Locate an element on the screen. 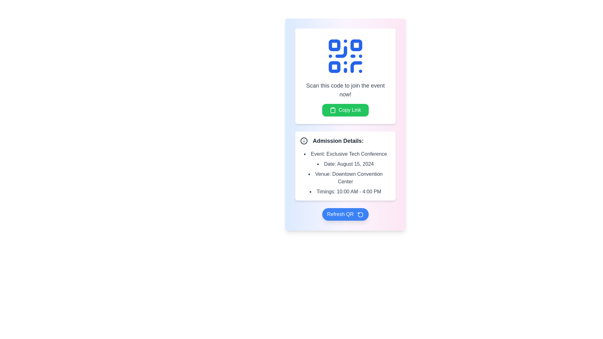 The height and width of the screenshot is (339, 603). the third rectangular component from the left in the second row of the QR code design at the top of the interface is located at coordinates (334, 67).